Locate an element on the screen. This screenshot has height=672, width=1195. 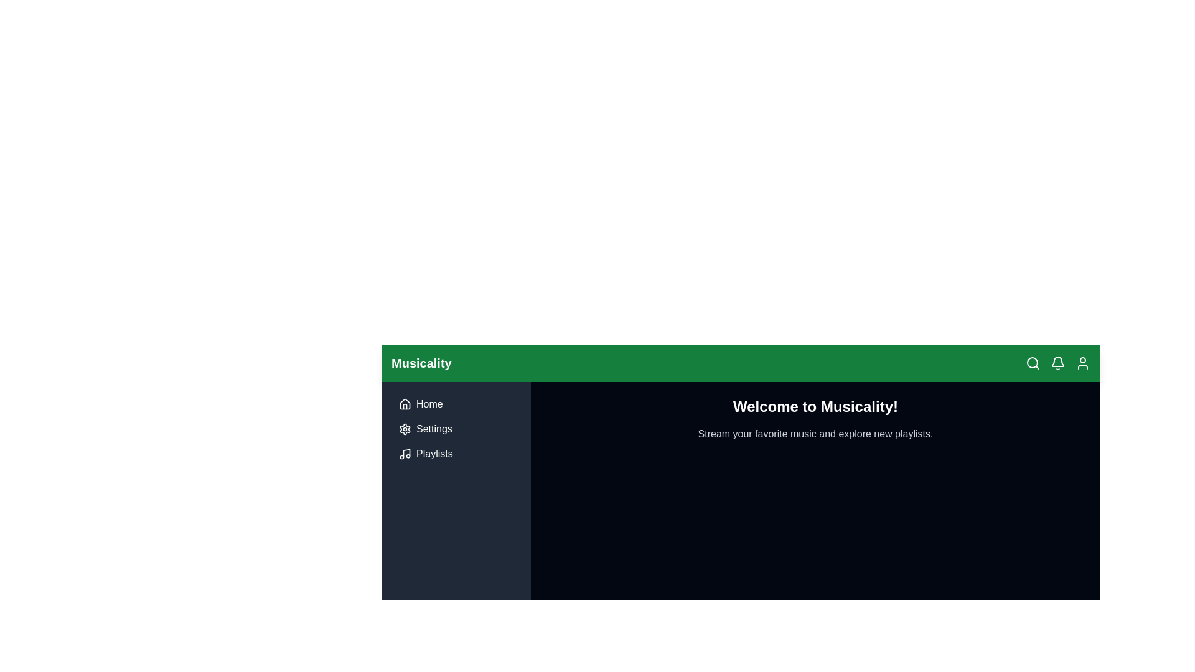
the 'Playlists' icon in the navigation menu located on the left side of the interface is located at coordinates (405, 454).